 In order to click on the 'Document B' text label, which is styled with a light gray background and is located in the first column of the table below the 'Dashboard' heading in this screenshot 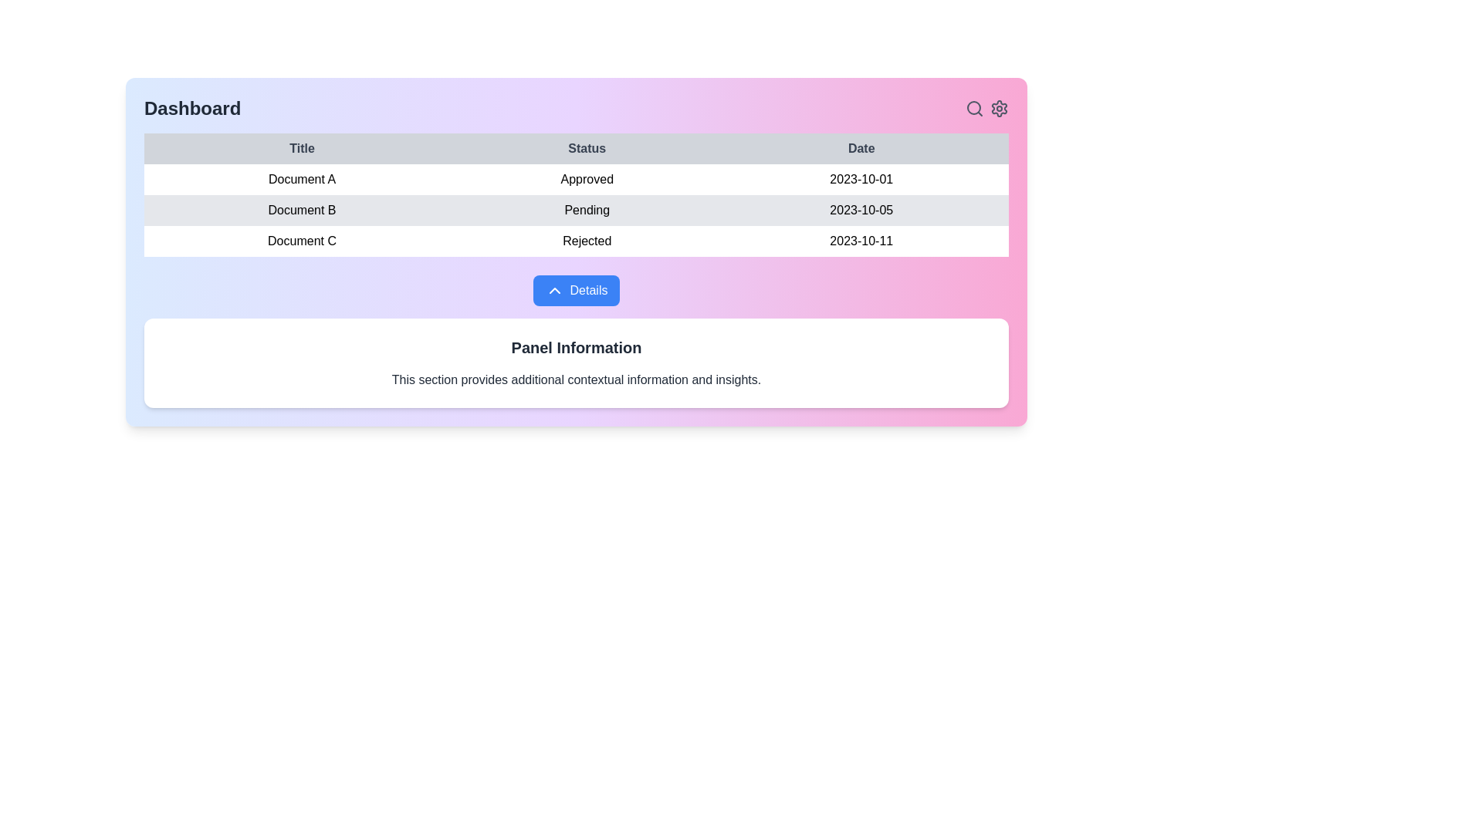, I will do `click(302, 211)`.